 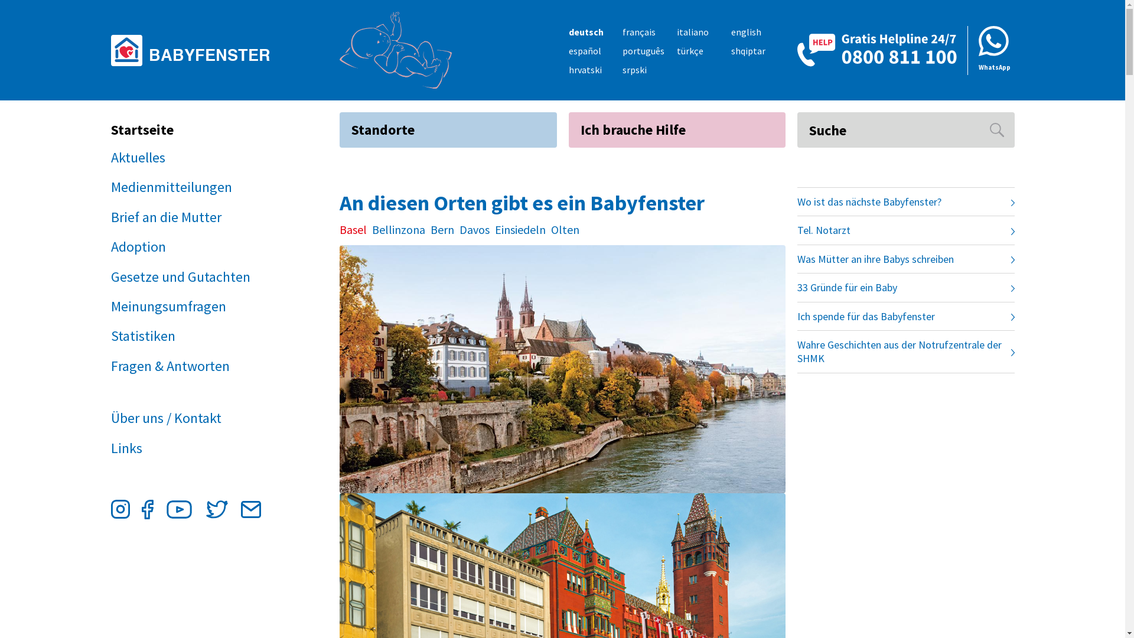 What do you see at coordinates (198, 246) in the screenshot?
I see `'Adoption'` at bounding box center [198, 246].